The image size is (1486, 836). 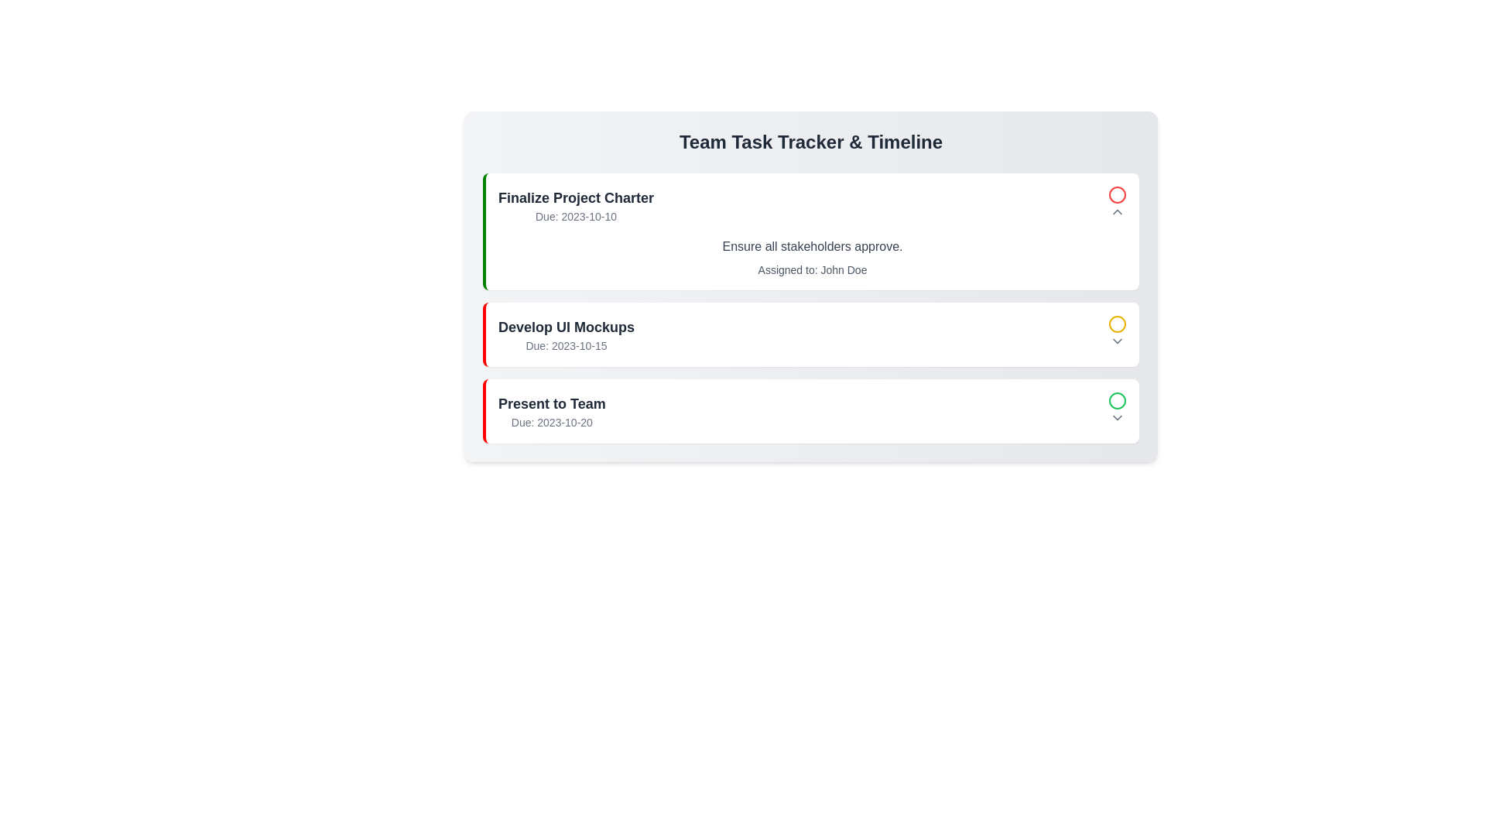 What do you see at coordinates (552, 403) in the screenshot?
I see `the Text label that serves as a descriptive header for a task or item, located at the top-left of a task card in the third position of a vertical list` at bounding box center [552, 403].